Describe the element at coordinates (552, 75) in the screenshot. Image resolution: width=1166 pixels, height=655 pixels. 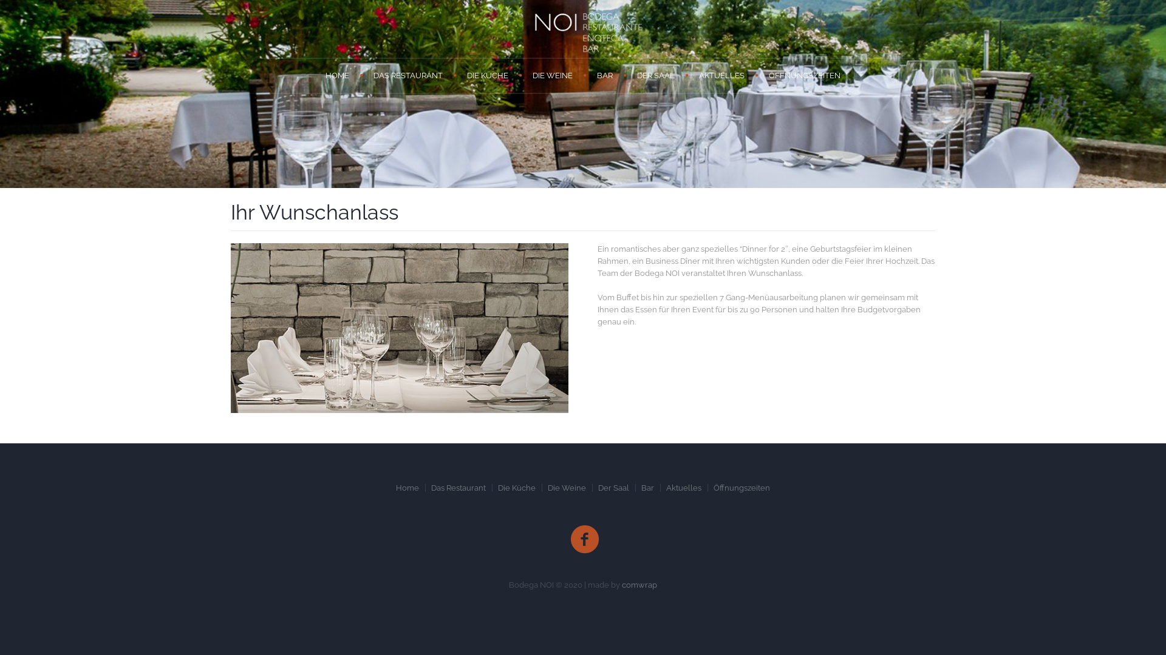
I see `'DIE WEINE'` at that location.